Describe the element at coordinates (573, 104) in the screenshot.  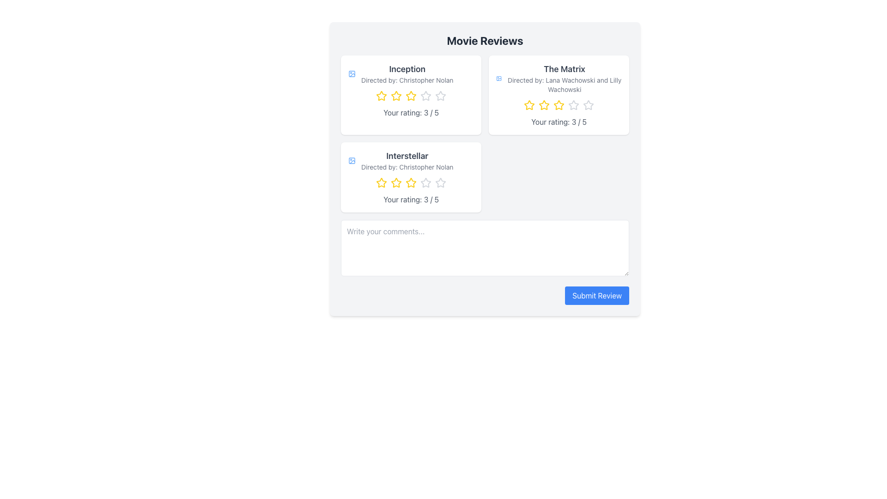
I see `the third star in the interactive rating system located in the review section labeled 'The Matrix'` at that location.